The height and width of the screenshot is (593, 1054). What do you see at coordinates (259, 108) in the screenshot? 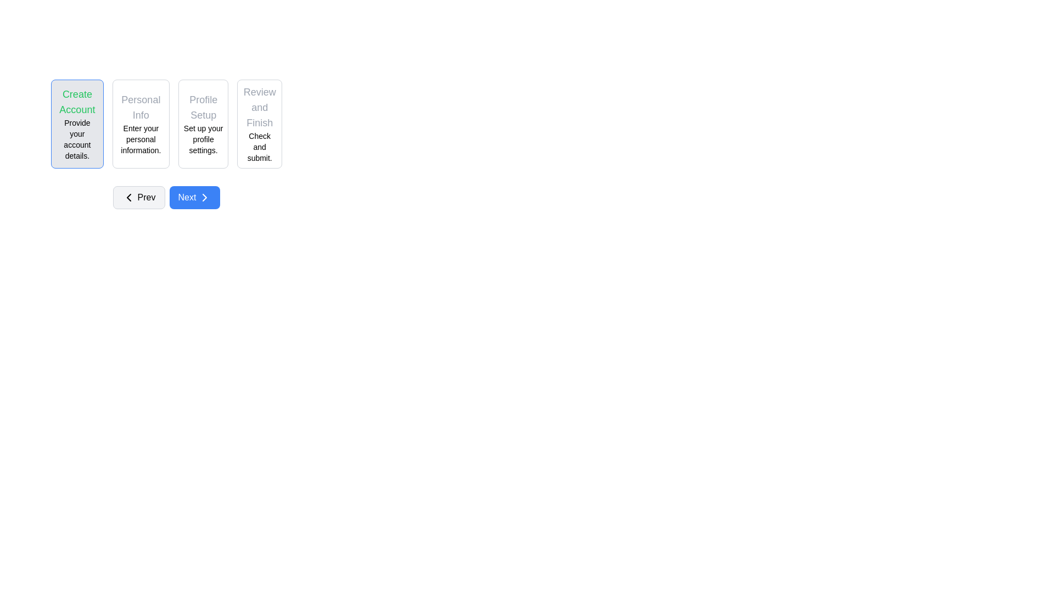
I see `the text label located at the top right of the panel, indicating the step or function of the current panel, above the text 'Check and submit.'` at bounding box center [259, 108].